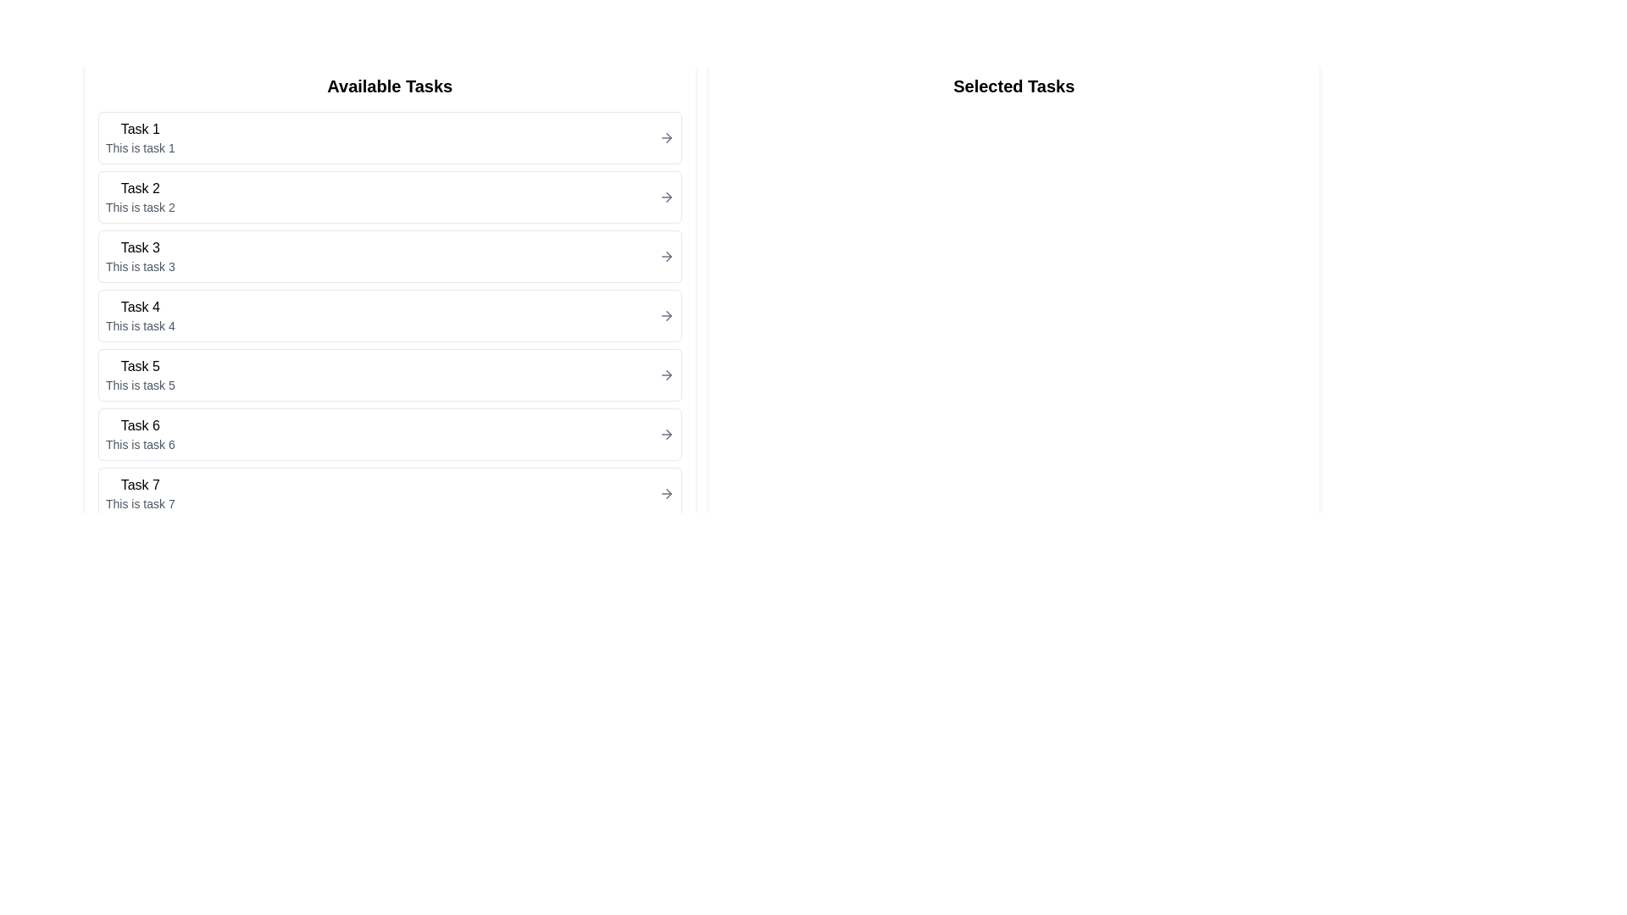 The width and height of the screenshot is (1627, 915). I want to click on the Text label that serves as the header for the first task in the 'Available Tasks' list, located near the upper-left corner of the list, so click(140, 129).